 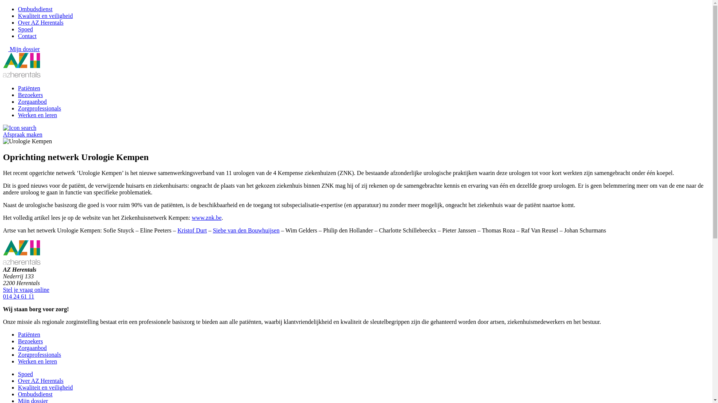 I want to click on 'Siebe van den Bouwhuijsen', so click(x=212, y=230).